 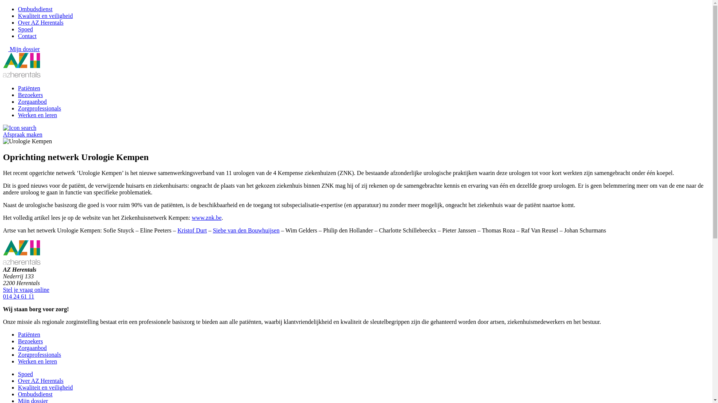 I want to click on 'Siebe van den Bouwhuijsen', so click(x=212, y=230).